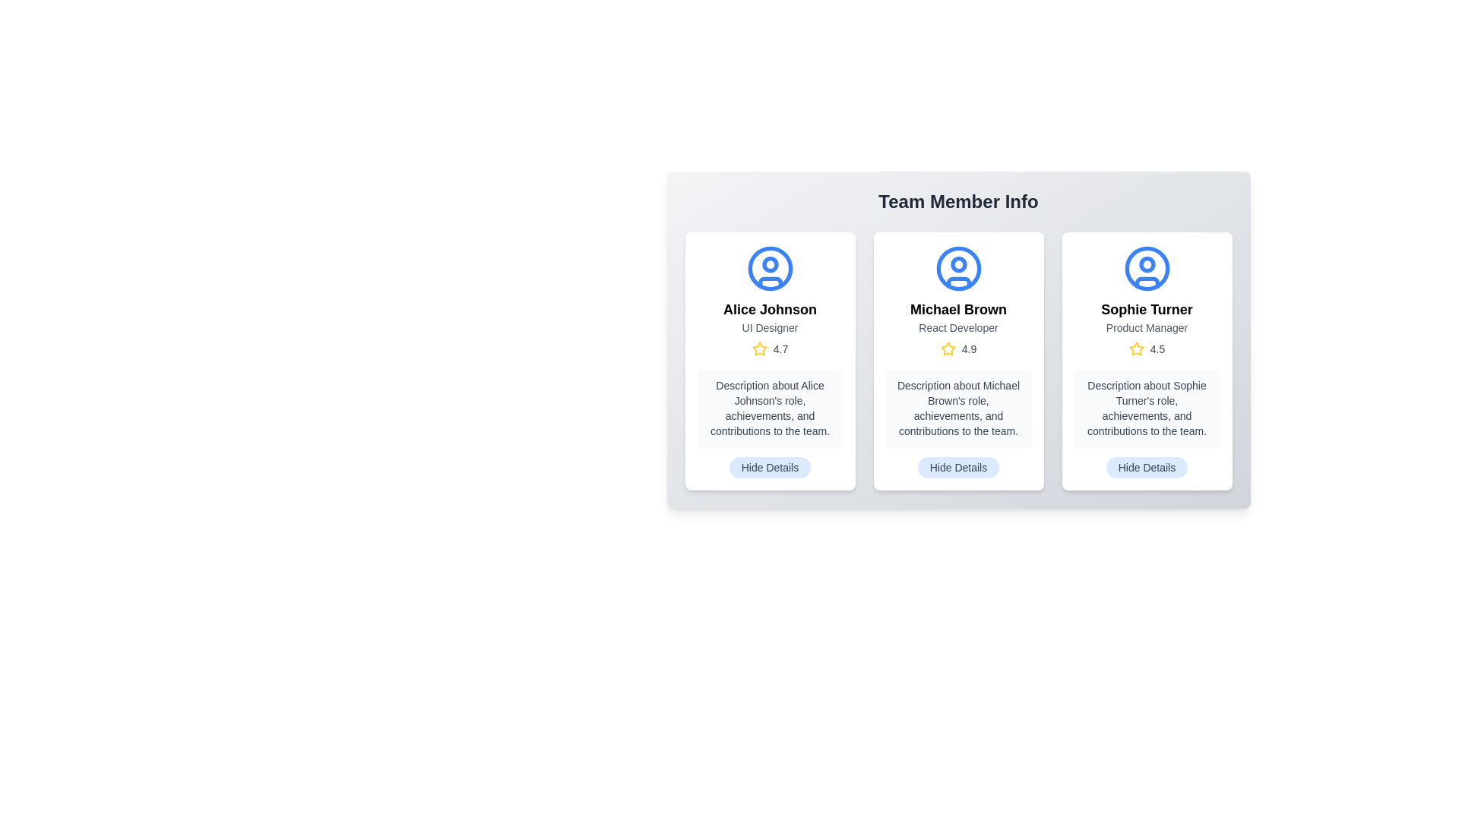  Describe the element at coordinates (947, 348) in the screenshot. I see `the high rating icon located in the second card of a three-card layout, positioned above the description area and adjacent to the '4.9' rating text` at that location.